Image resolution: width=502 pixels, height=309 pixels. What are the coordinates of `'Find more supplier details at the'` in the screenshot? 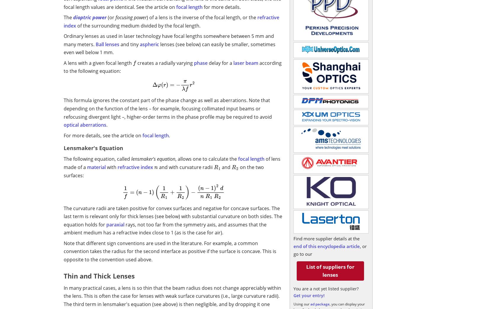 It's located at (326, 238).